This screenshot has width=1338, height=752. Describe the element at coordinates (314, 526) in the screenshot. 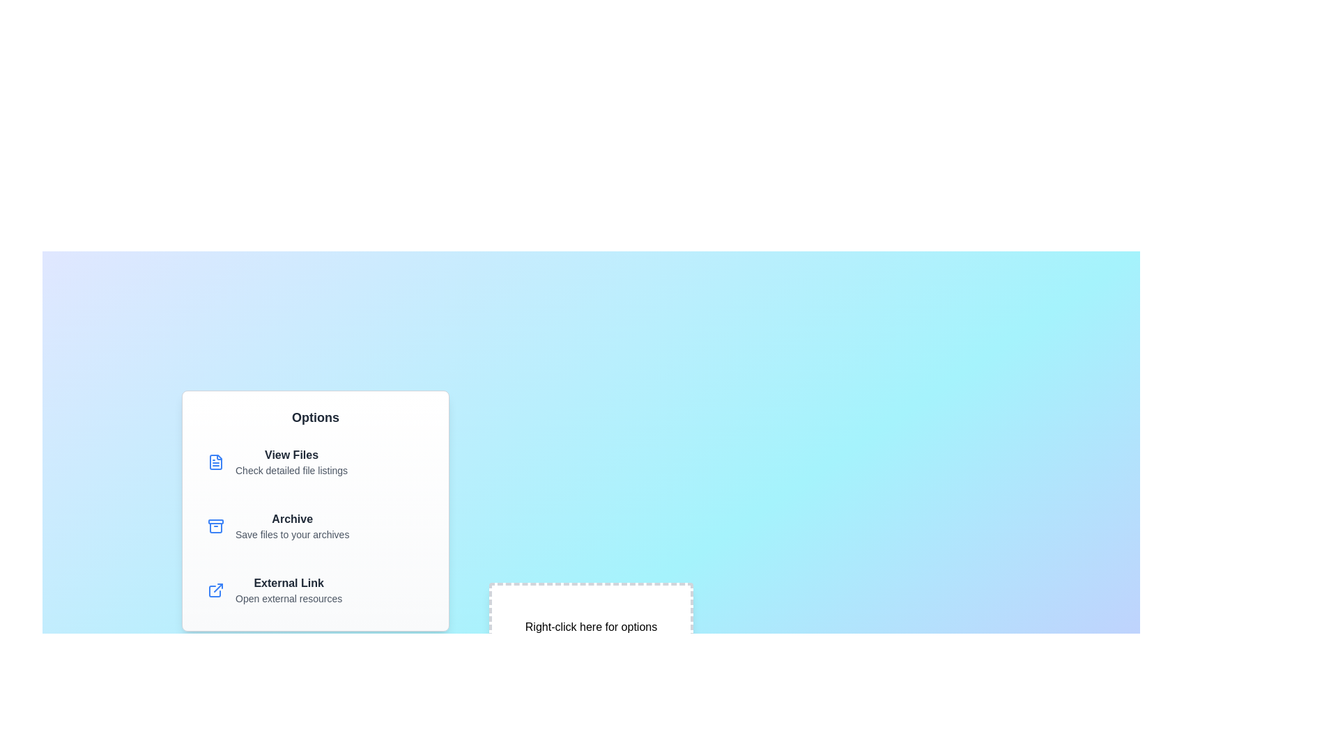

I see `the menu item 'Archive' to view its hover effect` at that location.